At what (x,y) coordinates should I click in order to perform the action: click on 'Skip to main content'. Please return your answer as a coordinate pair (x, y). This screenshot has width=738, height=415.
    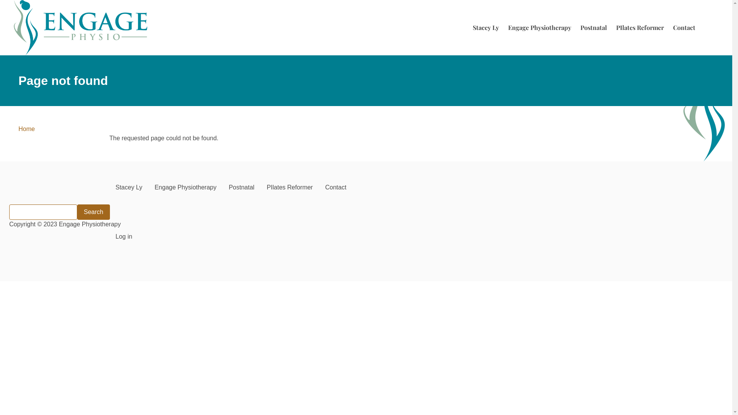
    Looking at the image, I should click on (0, 0).